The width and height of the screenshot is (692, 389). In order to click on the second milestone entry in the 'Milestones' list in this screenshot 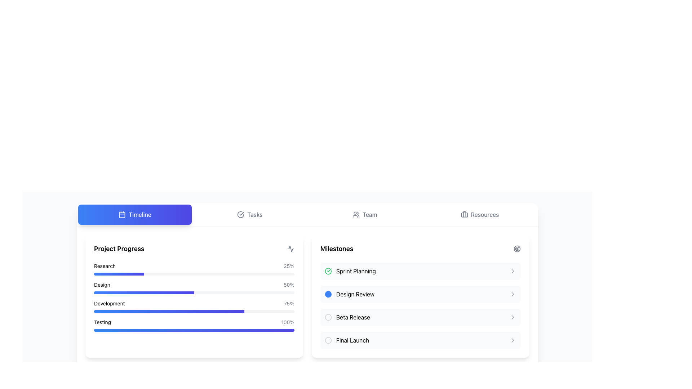, I will do `click(420, 305)`.